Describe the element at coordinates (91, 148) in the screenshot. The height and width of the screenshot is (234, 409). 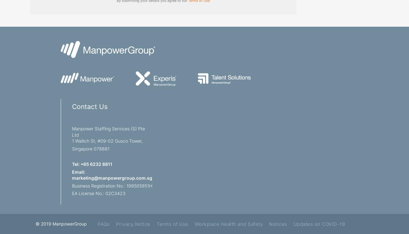
I see `'Singapore 078881'` at that location.